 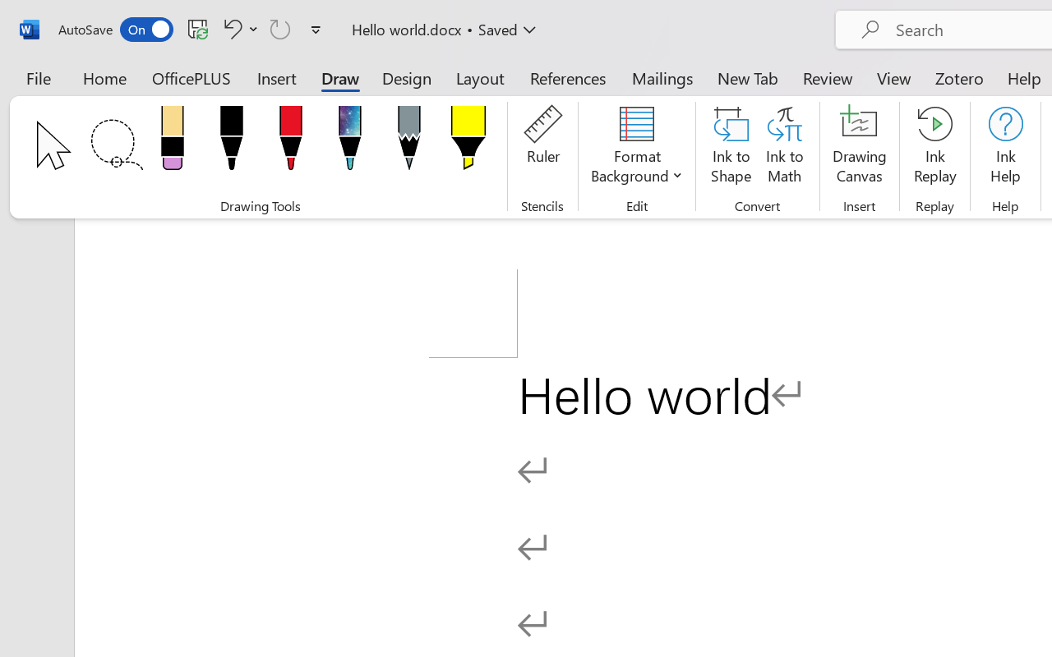 What do you see at coordinates (467, 142) in the screenshot?
I see `'Highlighter: Yellow, 6 mm'` at bounding box center [467, 142].